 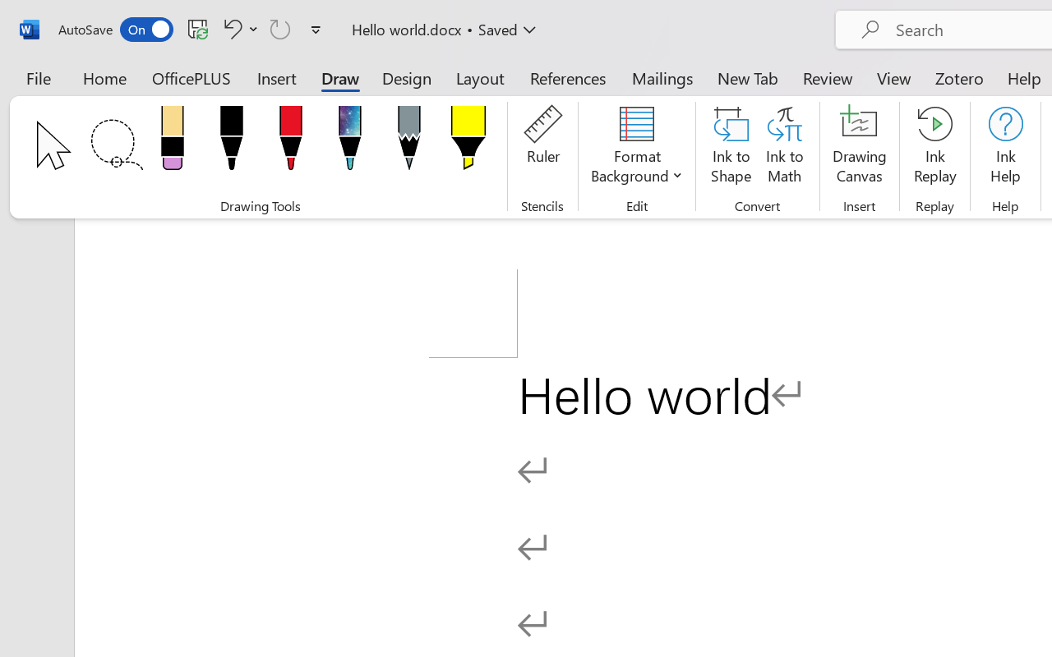 What do you see at coordinates (467, 142) in the screenshot?
I see `'Highlighter: Yellow, 6 mm'` at bounding box center [467, 142].